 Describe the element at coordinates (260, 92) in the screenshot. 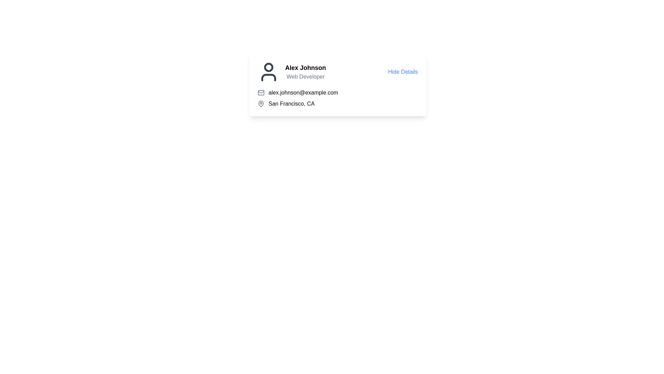

I see `the email icon represented by a simplified envelope shape, located to the left of 'alex.johnson@example.com' in the contact details section` at that location.